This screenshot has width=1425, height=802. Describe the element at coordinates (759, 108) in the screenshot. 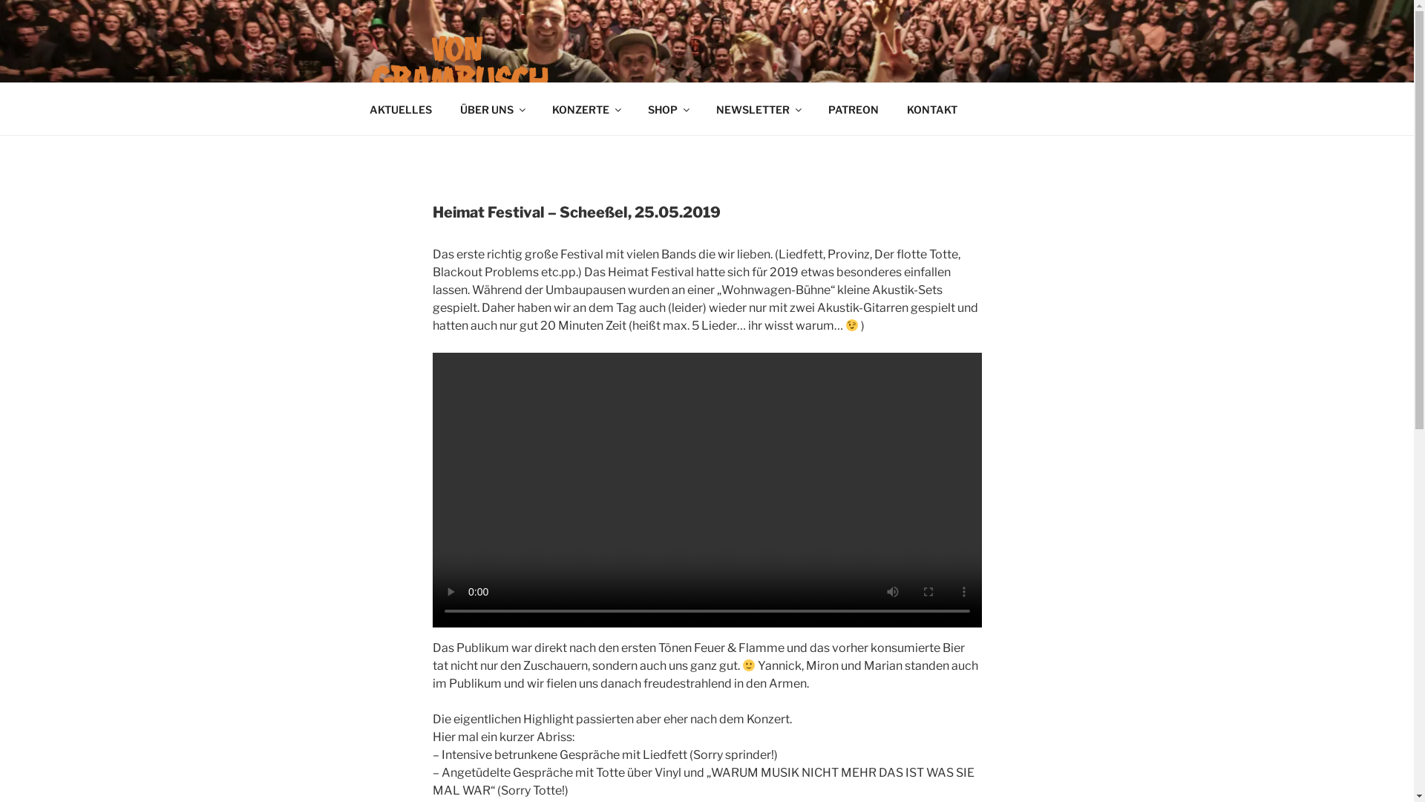

I see `'NEWSLETTER'` at that location.